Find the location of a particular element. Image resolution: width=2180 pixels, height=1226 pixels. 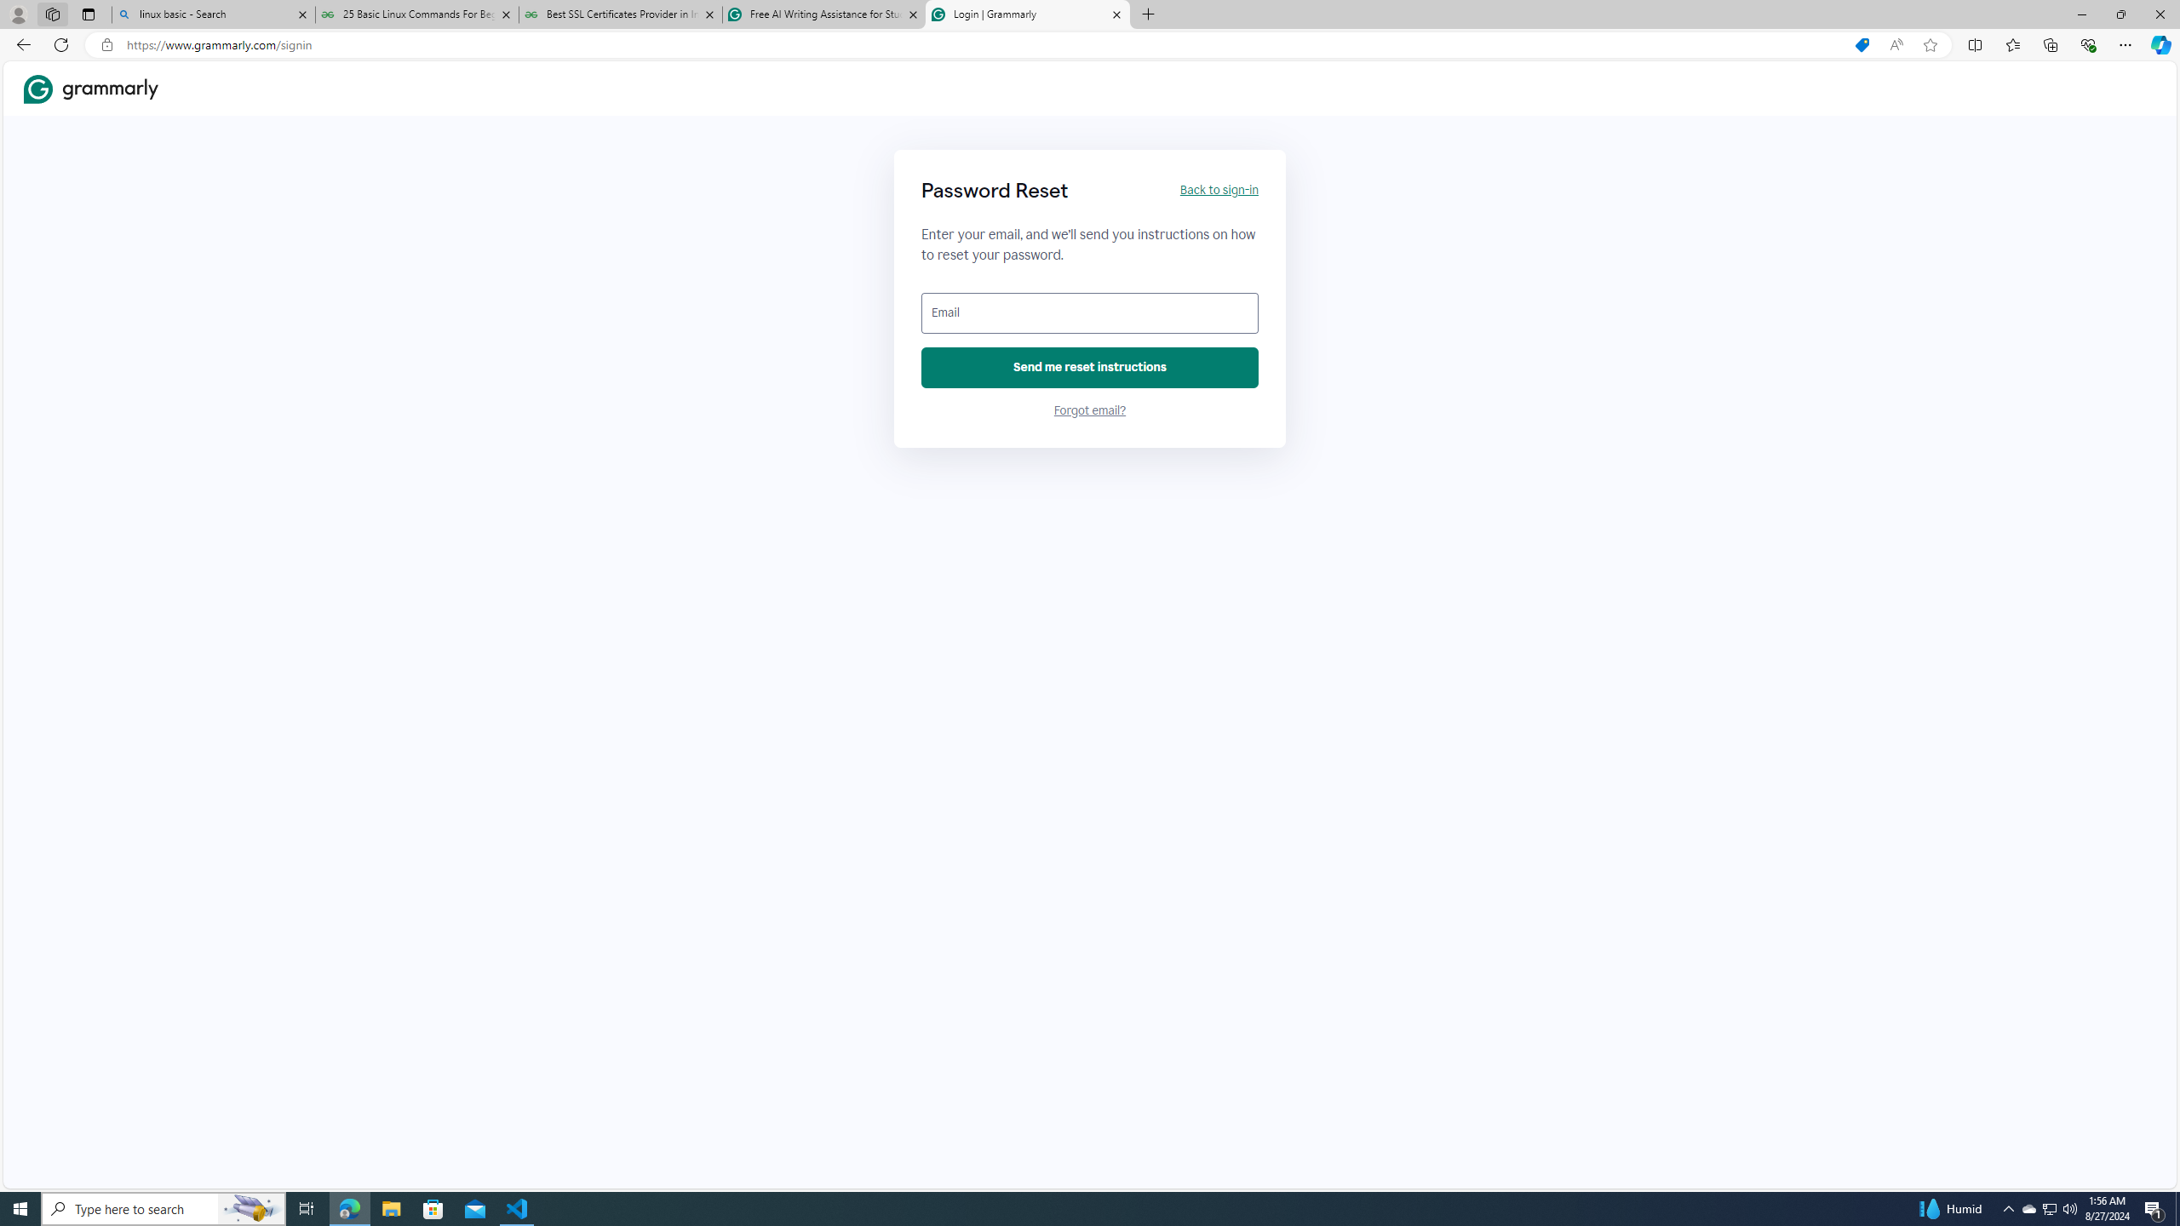

'linux basic - Search' is located at coordinates (212, 14).